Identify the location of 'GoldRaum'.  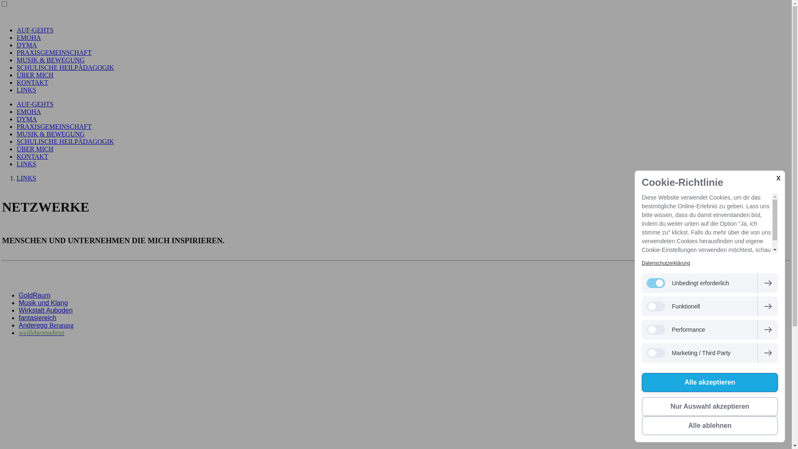
(34, 295).